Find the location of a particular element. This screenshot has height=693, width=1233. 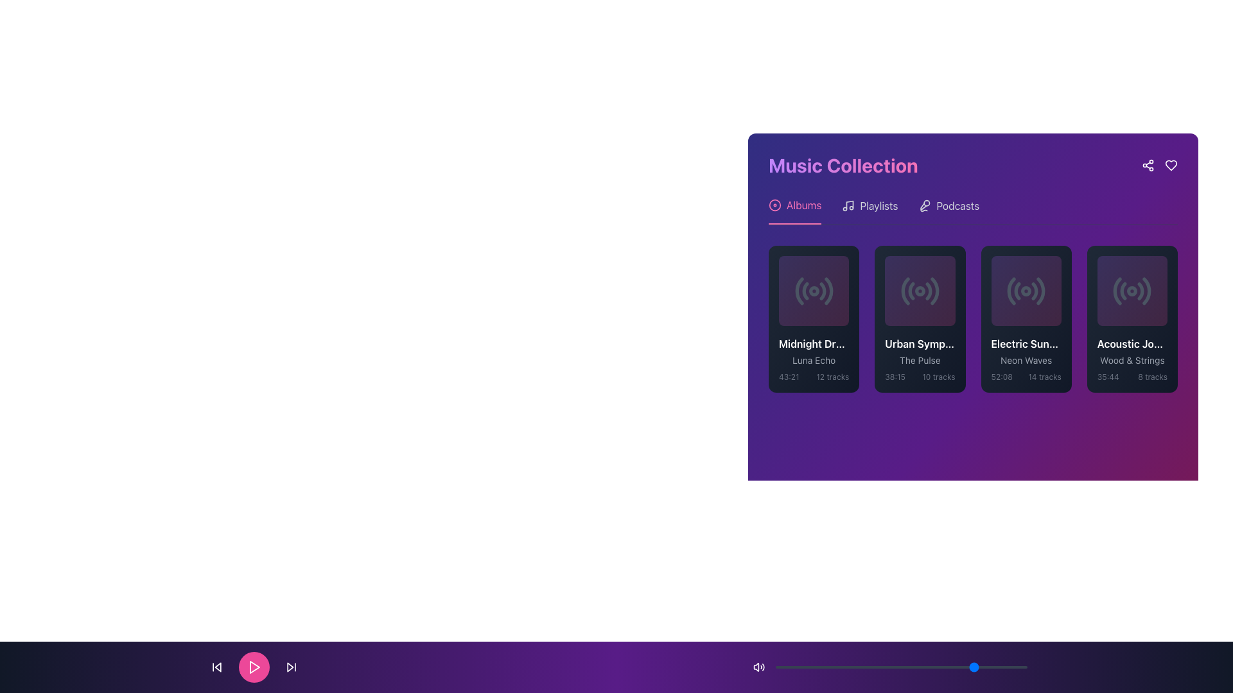

the text label that indicates the number of tracks available in the album or playlist, located under the 'Midnight Dreams' album card and near the bottom-right segment of the item is located at coordinates (832, 377).